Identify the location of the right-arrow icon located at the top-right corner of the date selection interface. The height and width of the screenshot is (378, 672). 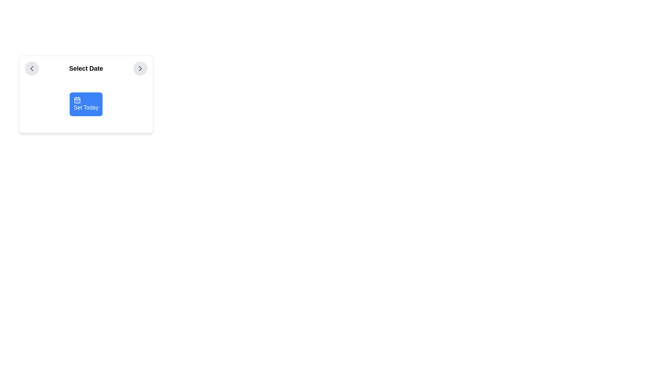
(140, 69).